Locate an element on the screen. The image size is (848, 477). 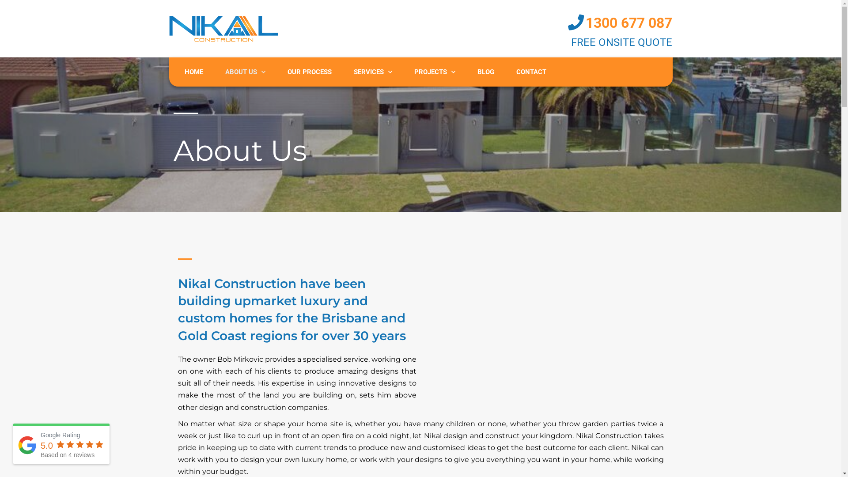
'ABOUT US' is located at coordinates (245, 71).